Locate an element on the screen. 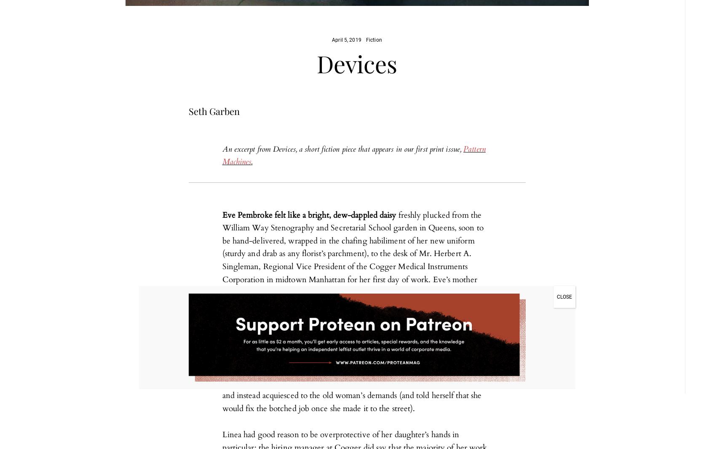 This screenshot has height=449, width=714. 'Devices' is located at coordinates (357, 63).